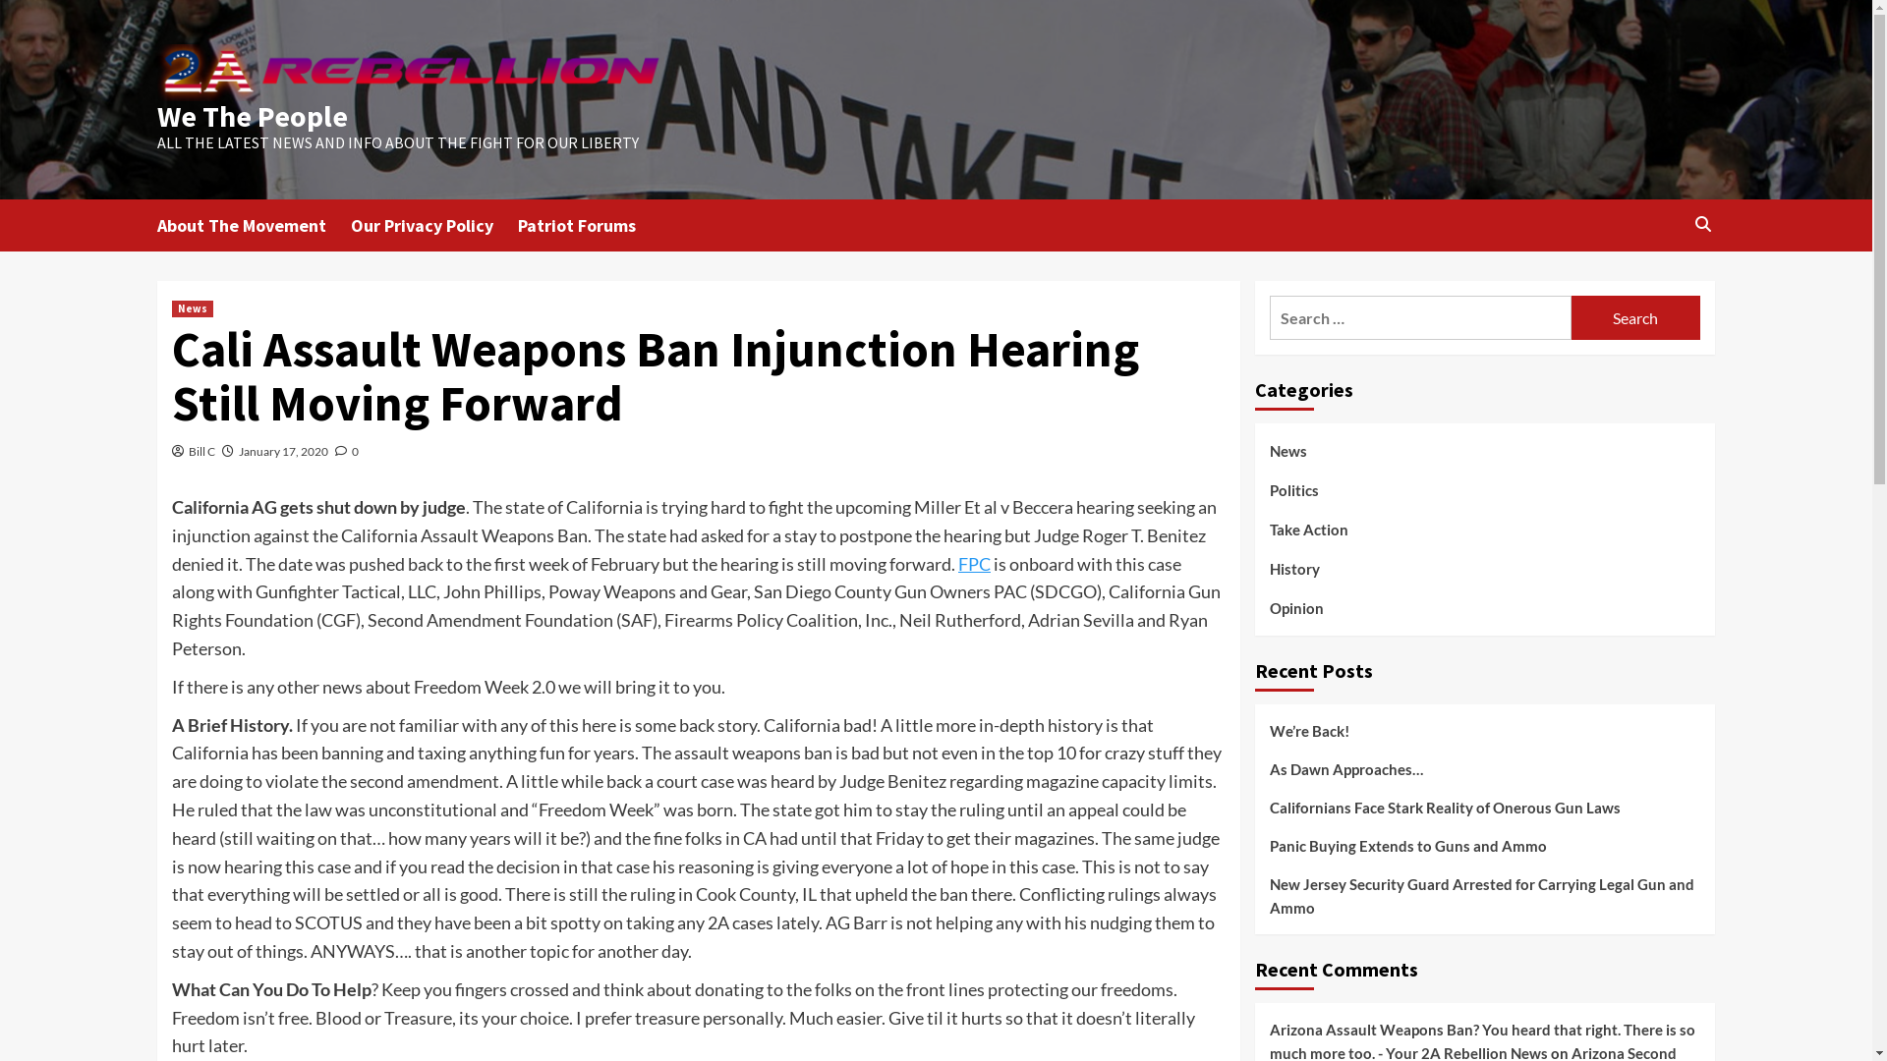 The height and width of the screenshot is (1061, 1887). Describe the element at coordinates (201, 451) in the screenshot. I see `'Bill C'` at that location.